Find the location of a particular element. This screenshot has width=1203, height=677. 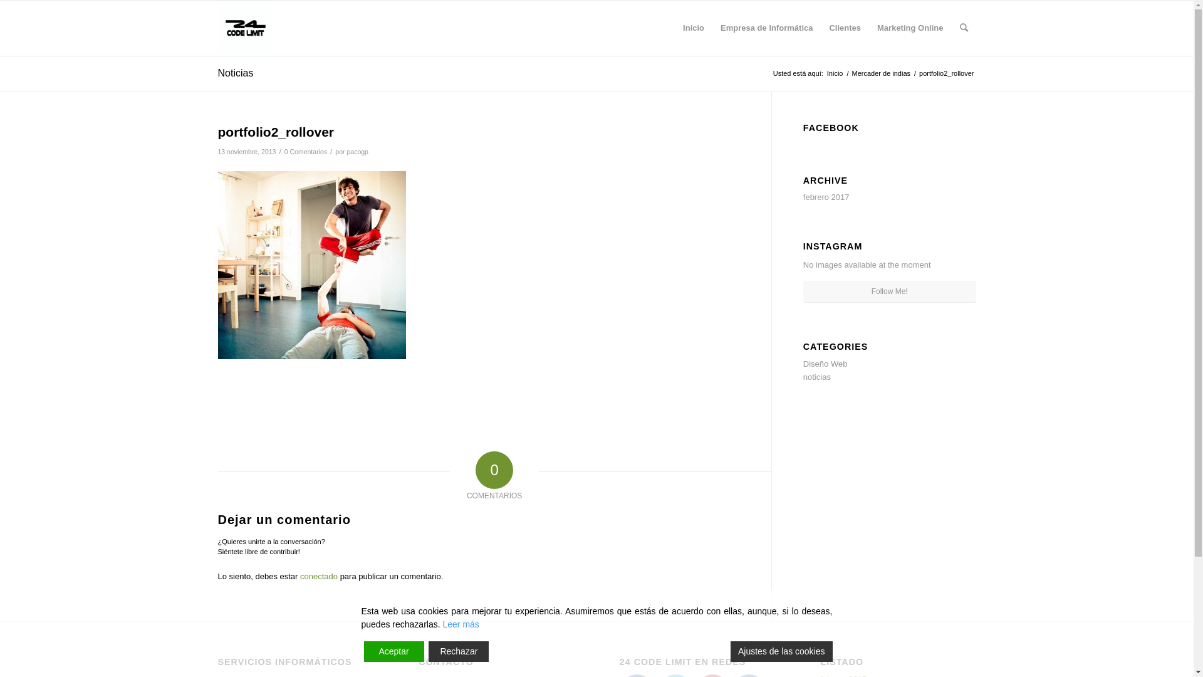

'Rechazar' is located at coordinates (457, 651).